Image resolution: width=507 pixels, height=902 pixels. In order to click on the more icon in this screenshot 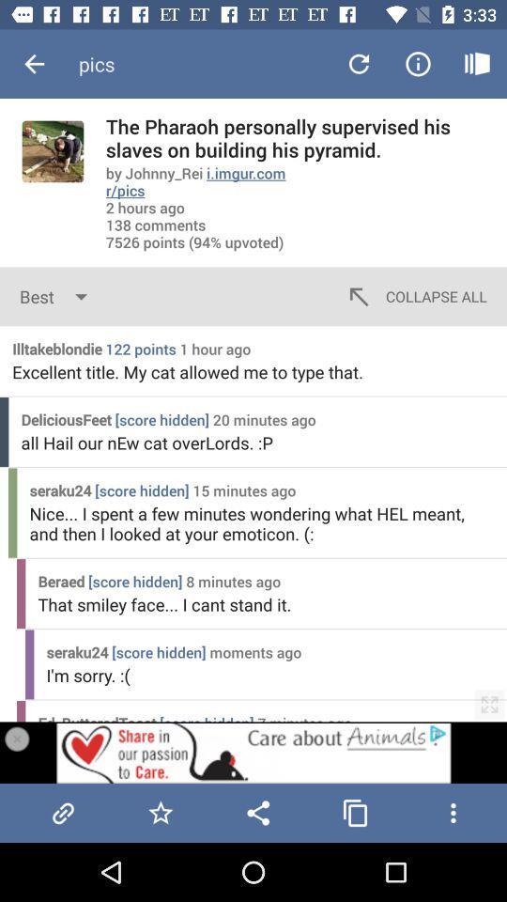, I will do `click(452, 812)`.